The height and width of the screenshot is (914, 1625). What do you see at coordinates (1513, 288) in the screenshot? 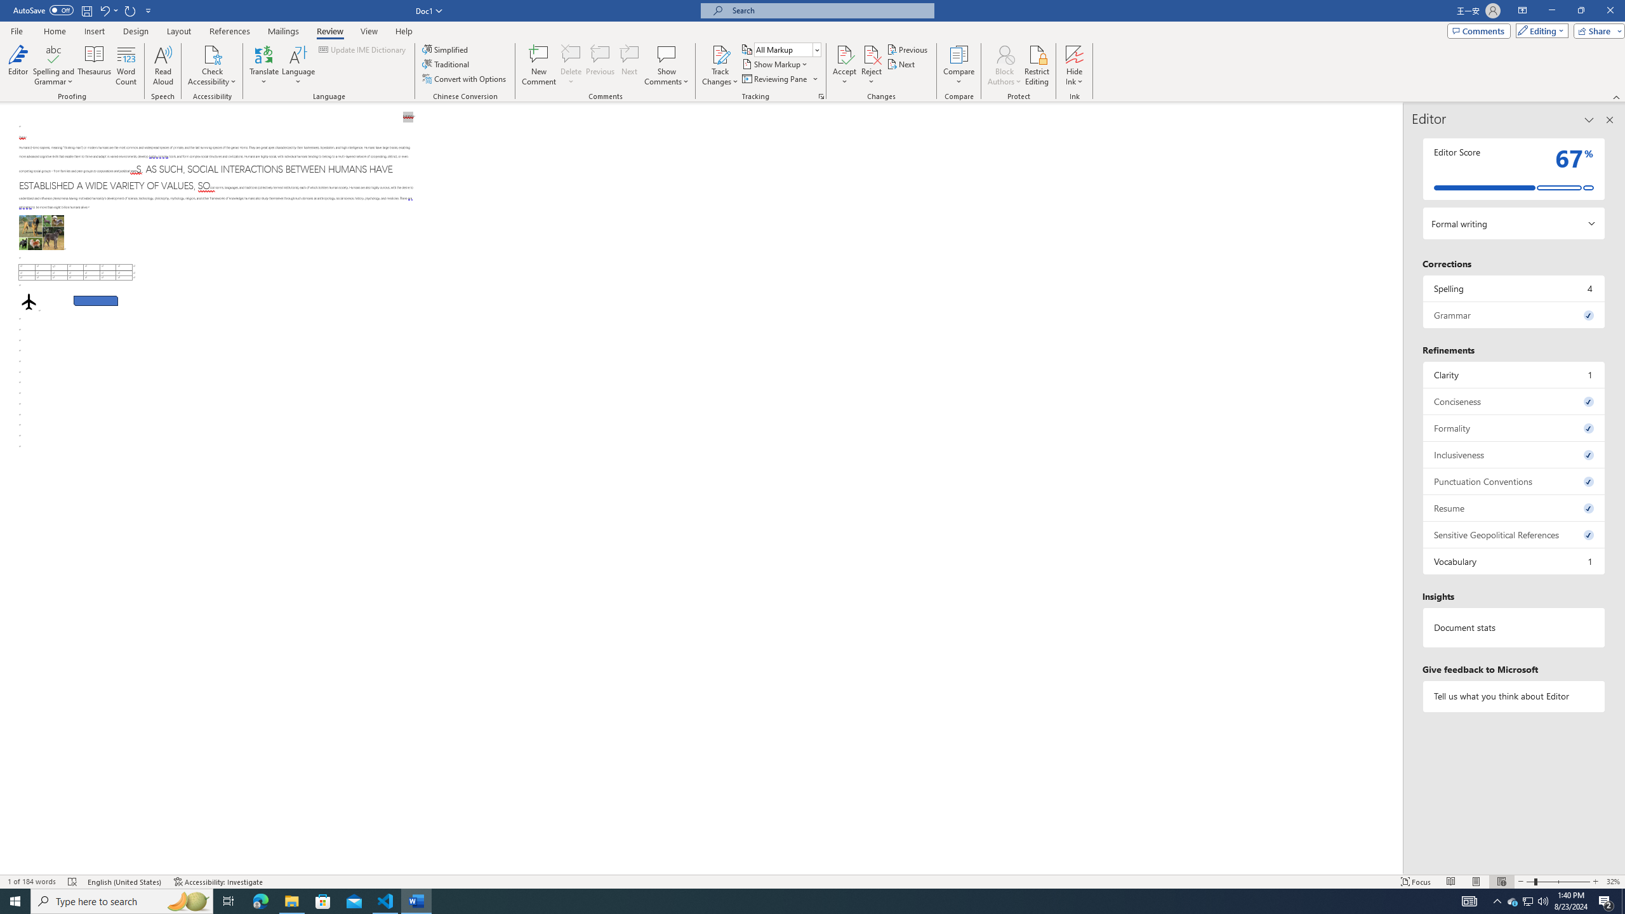
I see `'Spelling, 4 issues. Press space or enter to review items.'` at bounding box center [1513, 288].